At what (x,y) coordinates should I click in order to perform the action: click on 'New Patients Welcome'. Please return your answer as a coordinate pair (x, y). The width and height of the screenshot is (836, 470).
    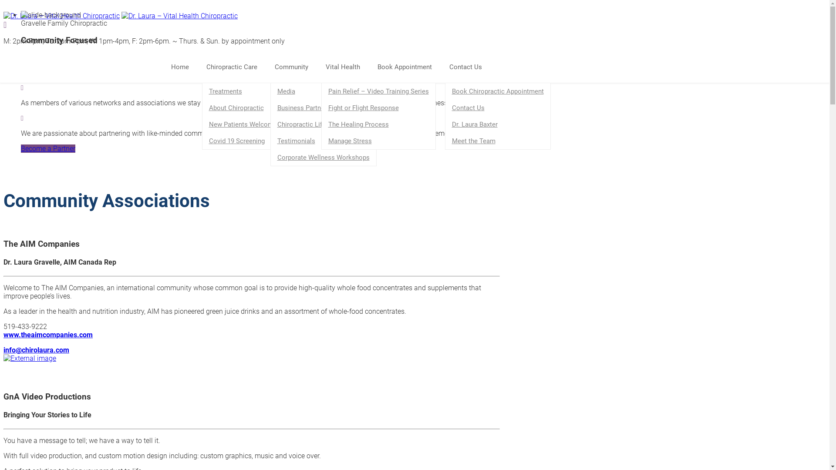
    Looking at the image, I should click on (243, 124).